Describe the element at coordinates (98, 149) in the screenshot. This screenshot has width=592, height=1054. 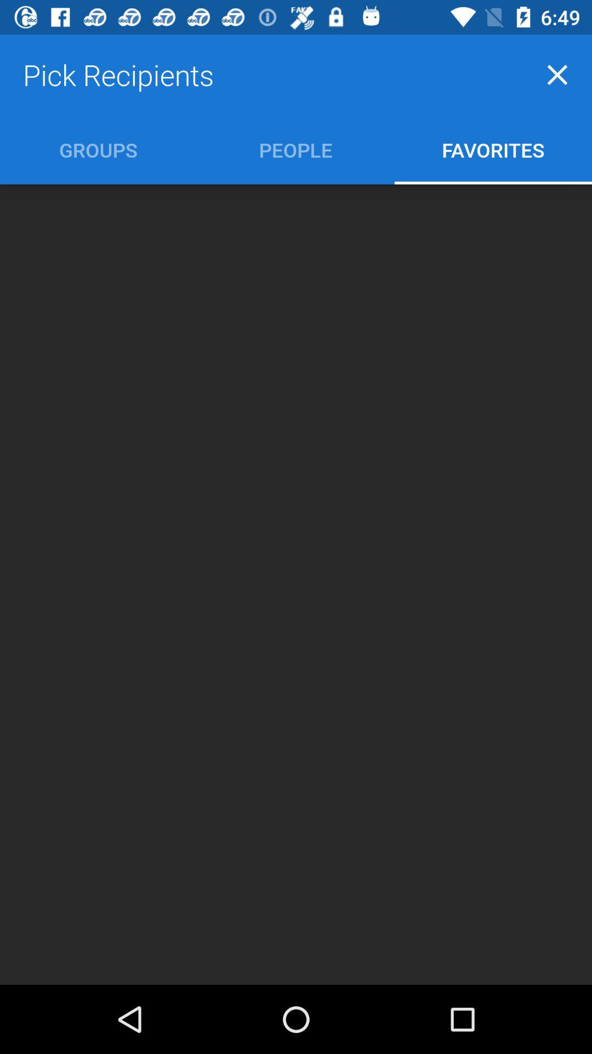
I see `the groups item` at that location.